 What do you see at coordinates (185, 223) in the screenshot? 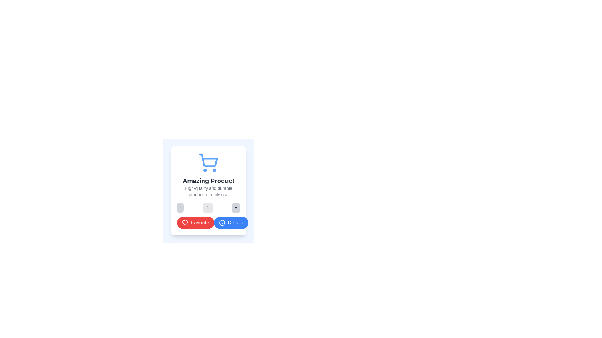
I see `the heart-shaped icon within the red circular background, which represents a 'like' or 'favorite' functionality` at bounding box center [185, 223].